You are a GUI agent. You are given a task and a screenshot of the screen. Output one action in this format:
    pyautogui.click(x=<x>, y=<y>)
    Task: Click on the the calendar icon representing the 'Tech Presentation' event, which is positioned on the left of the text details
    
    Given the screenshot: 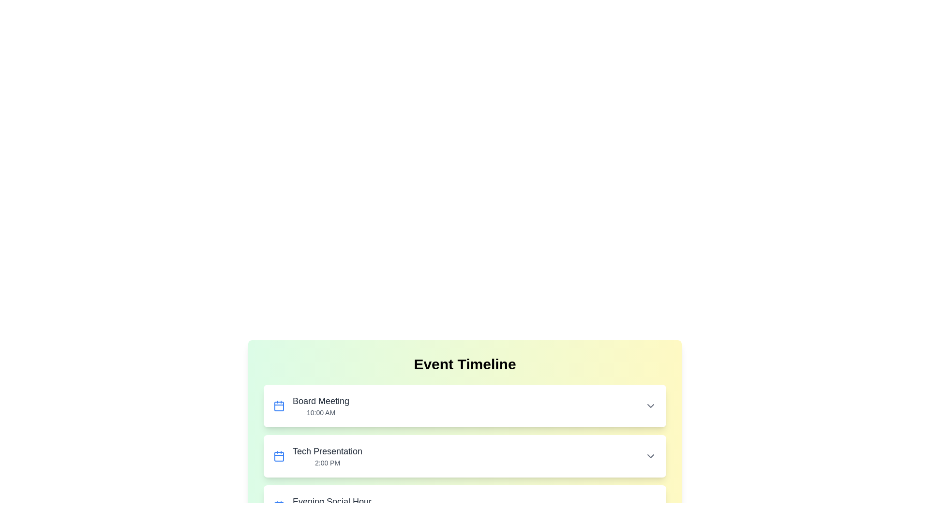 What is the action you would take?
    pyautogui.click(x=278, y=456)
    